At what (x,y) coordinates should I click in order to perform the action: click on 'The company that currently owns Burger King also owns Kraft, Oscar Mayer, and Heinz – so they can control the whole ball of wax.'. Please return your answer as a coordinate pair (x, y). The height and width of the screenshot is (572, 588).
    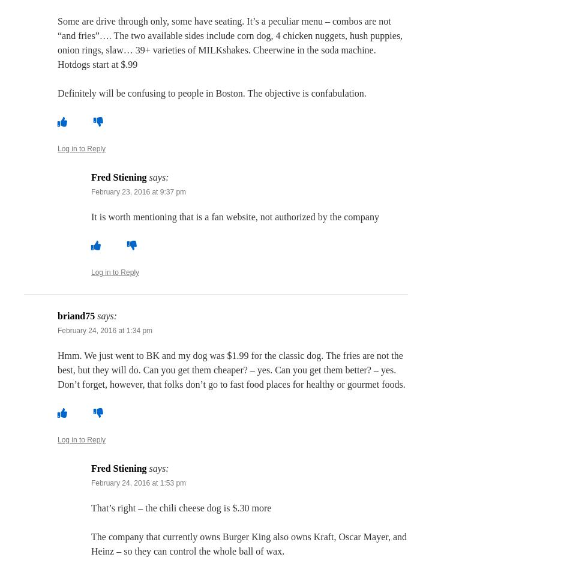
    Looking at the image, I should click on (249, 544).